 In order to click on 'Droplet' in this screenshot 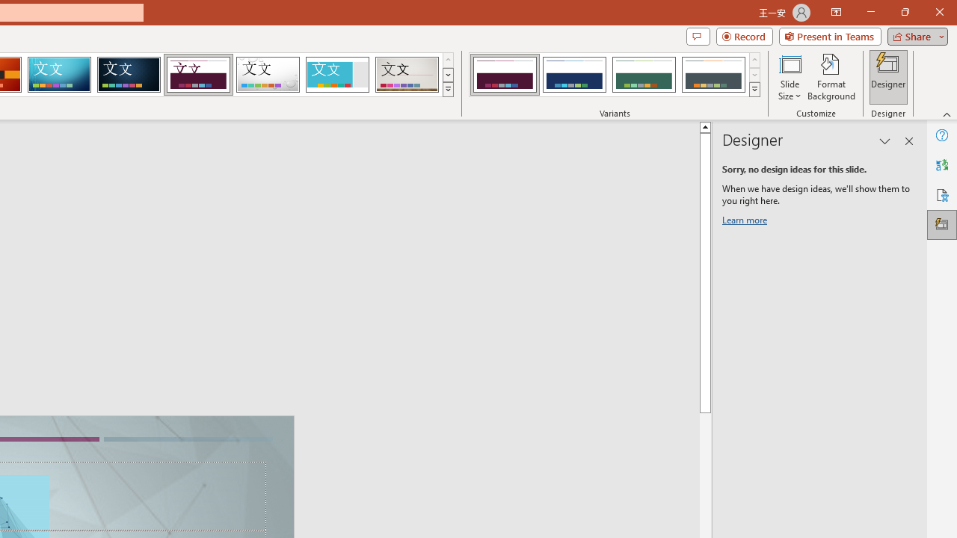, I will do `click(268, 75)`.